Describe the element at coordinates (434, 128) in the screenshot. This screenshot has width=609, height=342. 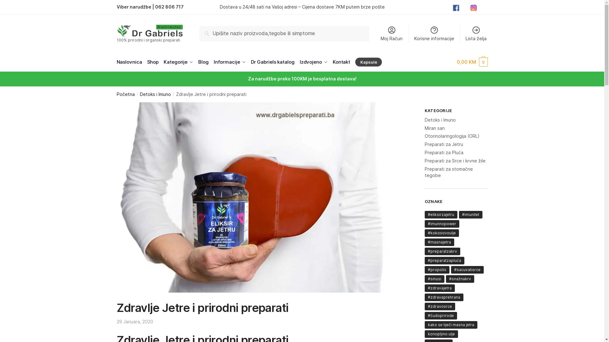
I see `'Miran san'` at that location.